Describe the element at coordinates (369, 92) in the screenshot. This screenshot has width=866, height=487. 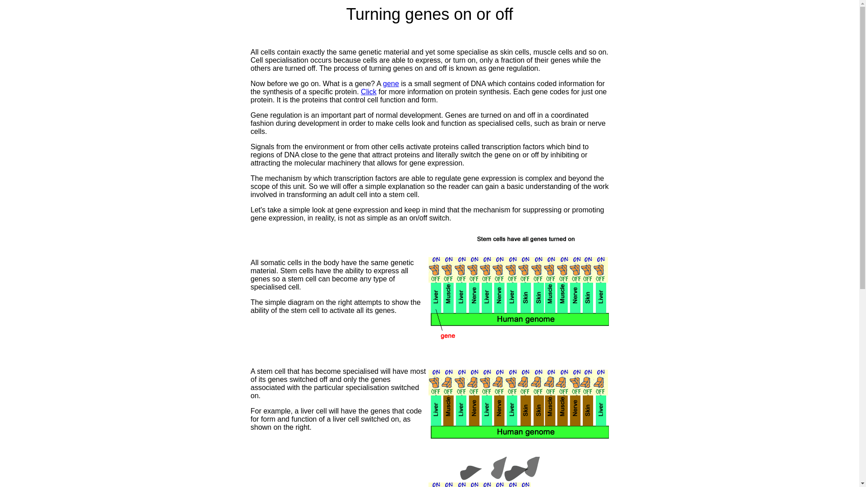
I see `'Click'` at that location.